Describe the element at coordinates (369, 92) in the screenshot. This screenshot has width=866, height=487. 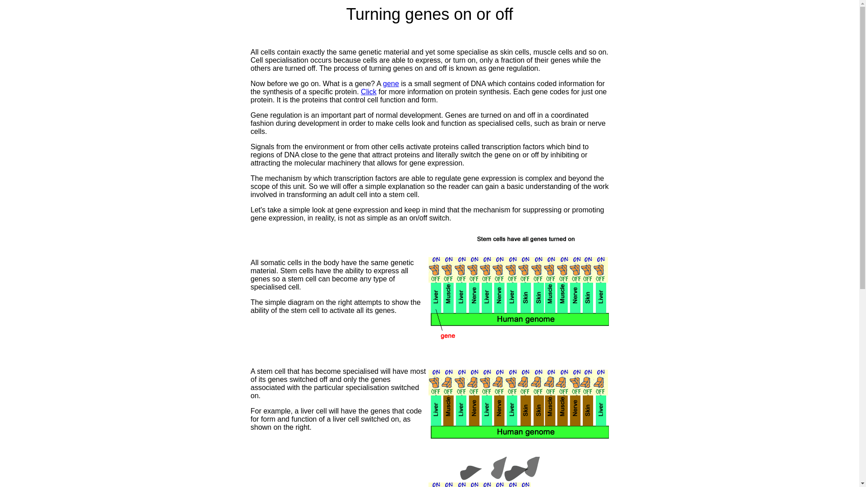
I see `'Click'` at that location.